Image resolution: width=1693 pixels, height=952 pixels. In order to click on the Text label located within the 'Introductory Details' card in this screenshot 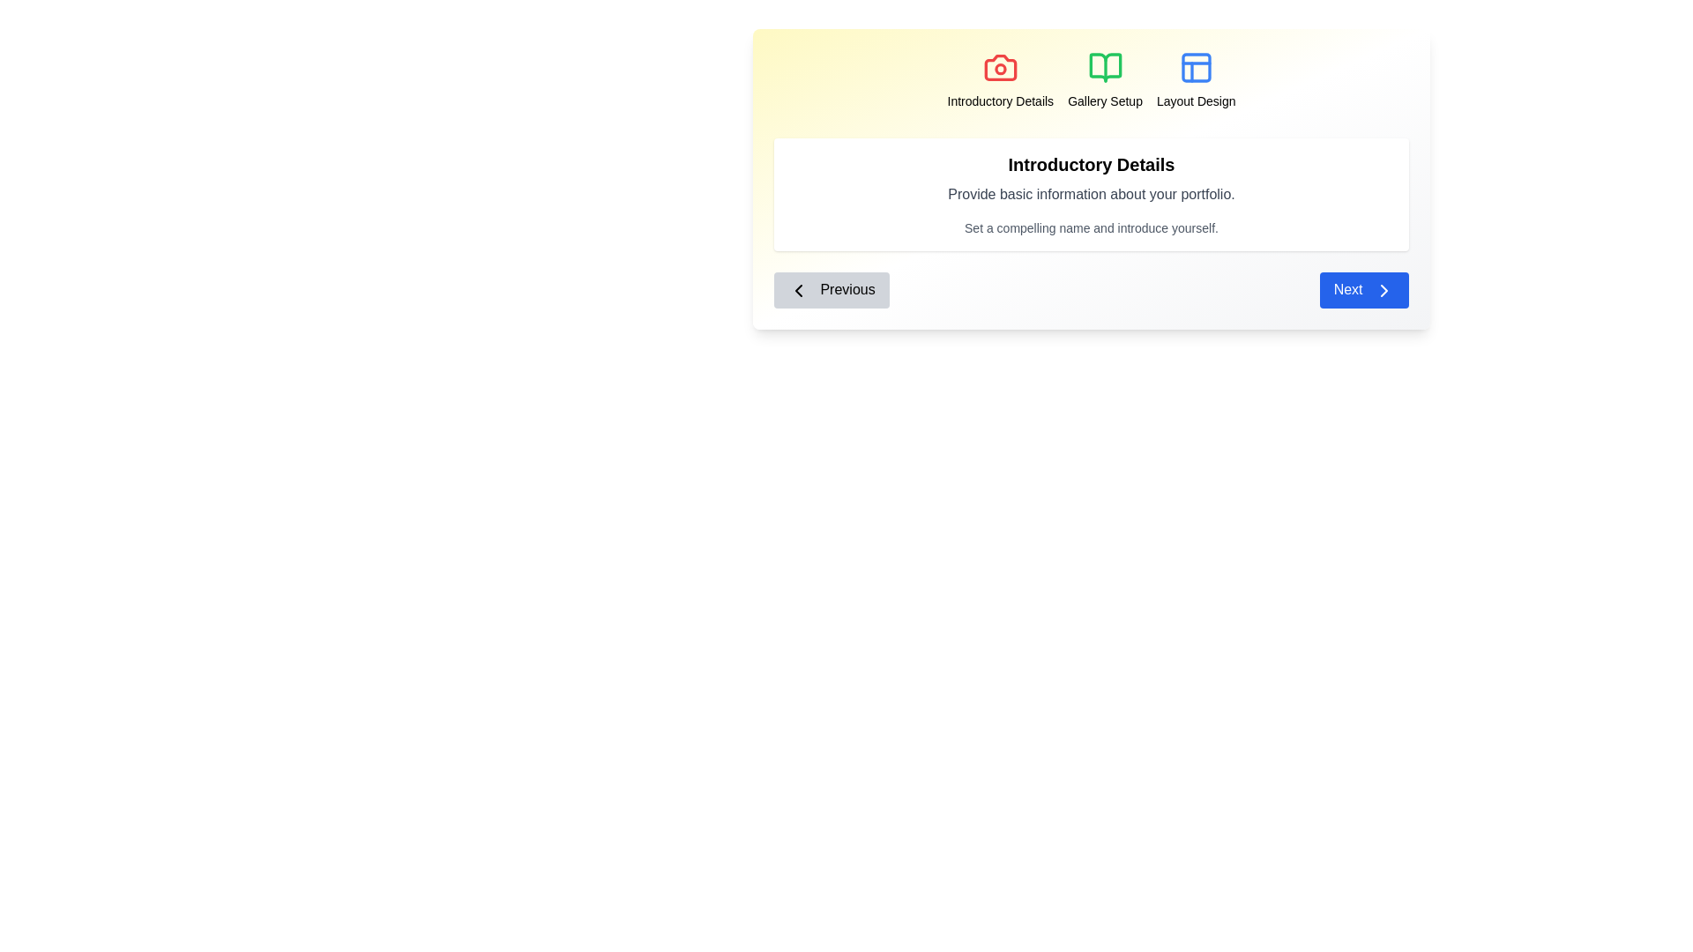, I will do `click(1091, 194)`.